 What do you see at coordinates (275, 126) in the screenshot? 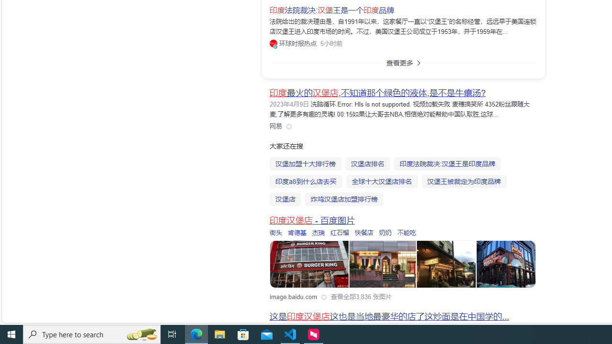
I see `'Class: siteLink_9TPP3'` at bounding box center [275, 126].